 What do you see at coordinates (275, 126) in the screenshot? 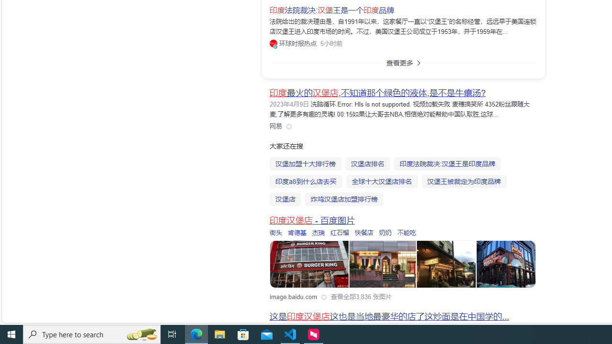
I see `'Class: siteLink_9TPP3'` at bounding box center [275, 126].